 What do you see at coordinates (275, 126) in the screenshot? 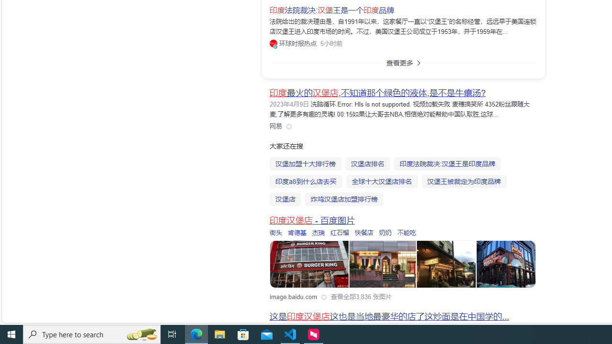
I see `'Class: siteLink_9TPP3'` at bounding box center [275, 126].